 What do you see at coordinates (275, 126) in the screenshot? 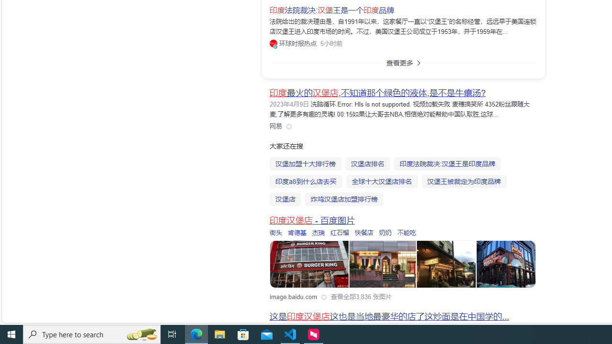
I see `'Class: siteLink_9TPP3'` at bounding box center [275, 126].